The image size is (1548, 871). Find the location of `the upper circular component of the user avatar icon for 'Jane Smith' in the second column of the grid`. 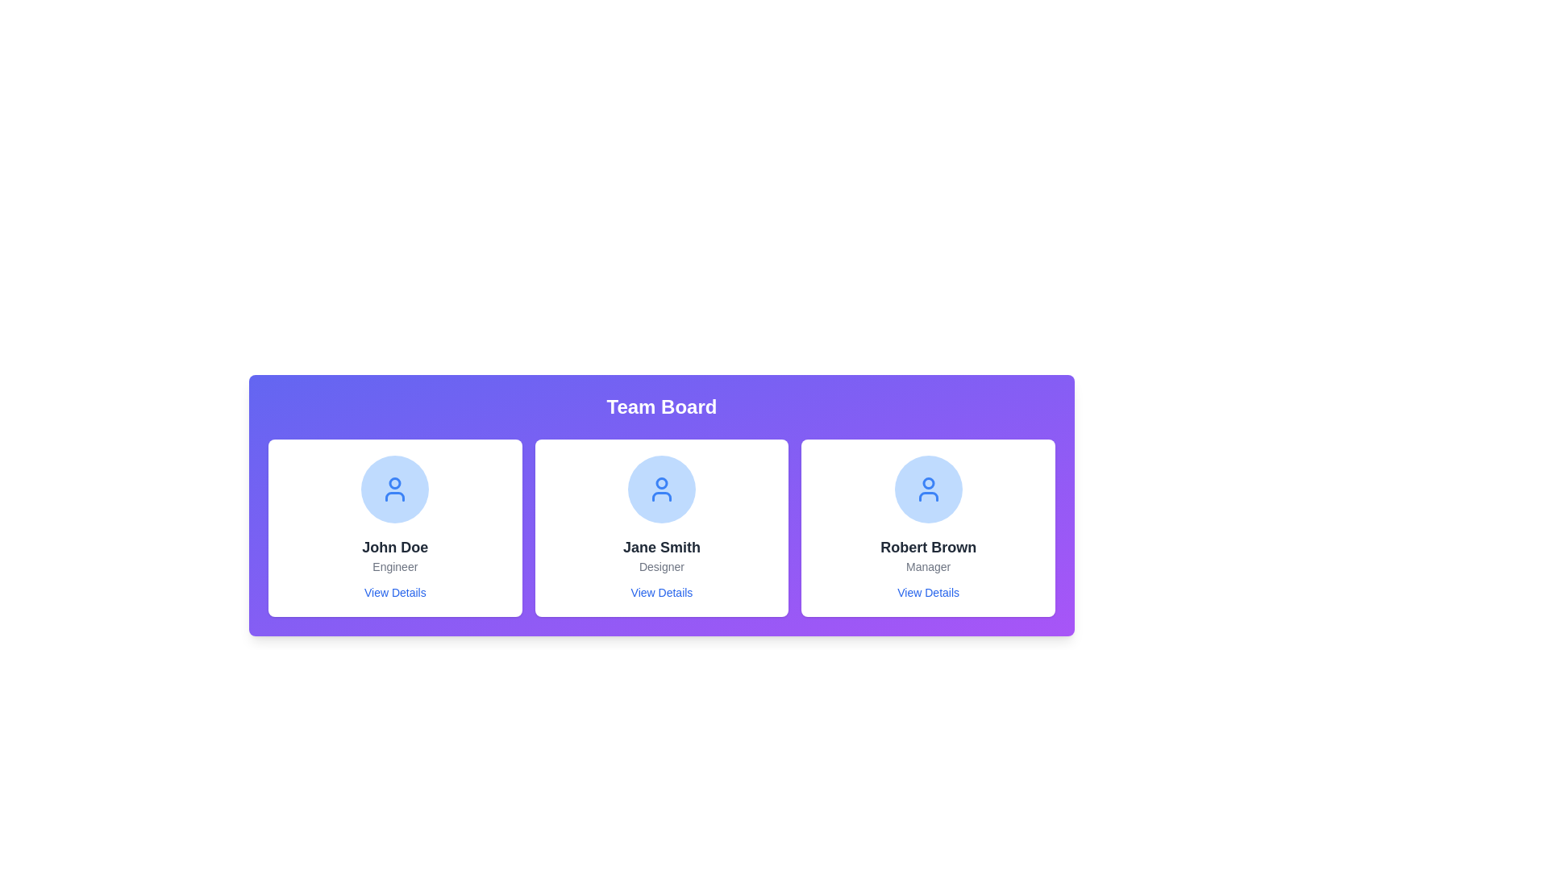

the upper circular component of the user avatar icon for 'Jane Smith' in the second column of the grid is located at coordinates (661, 482).